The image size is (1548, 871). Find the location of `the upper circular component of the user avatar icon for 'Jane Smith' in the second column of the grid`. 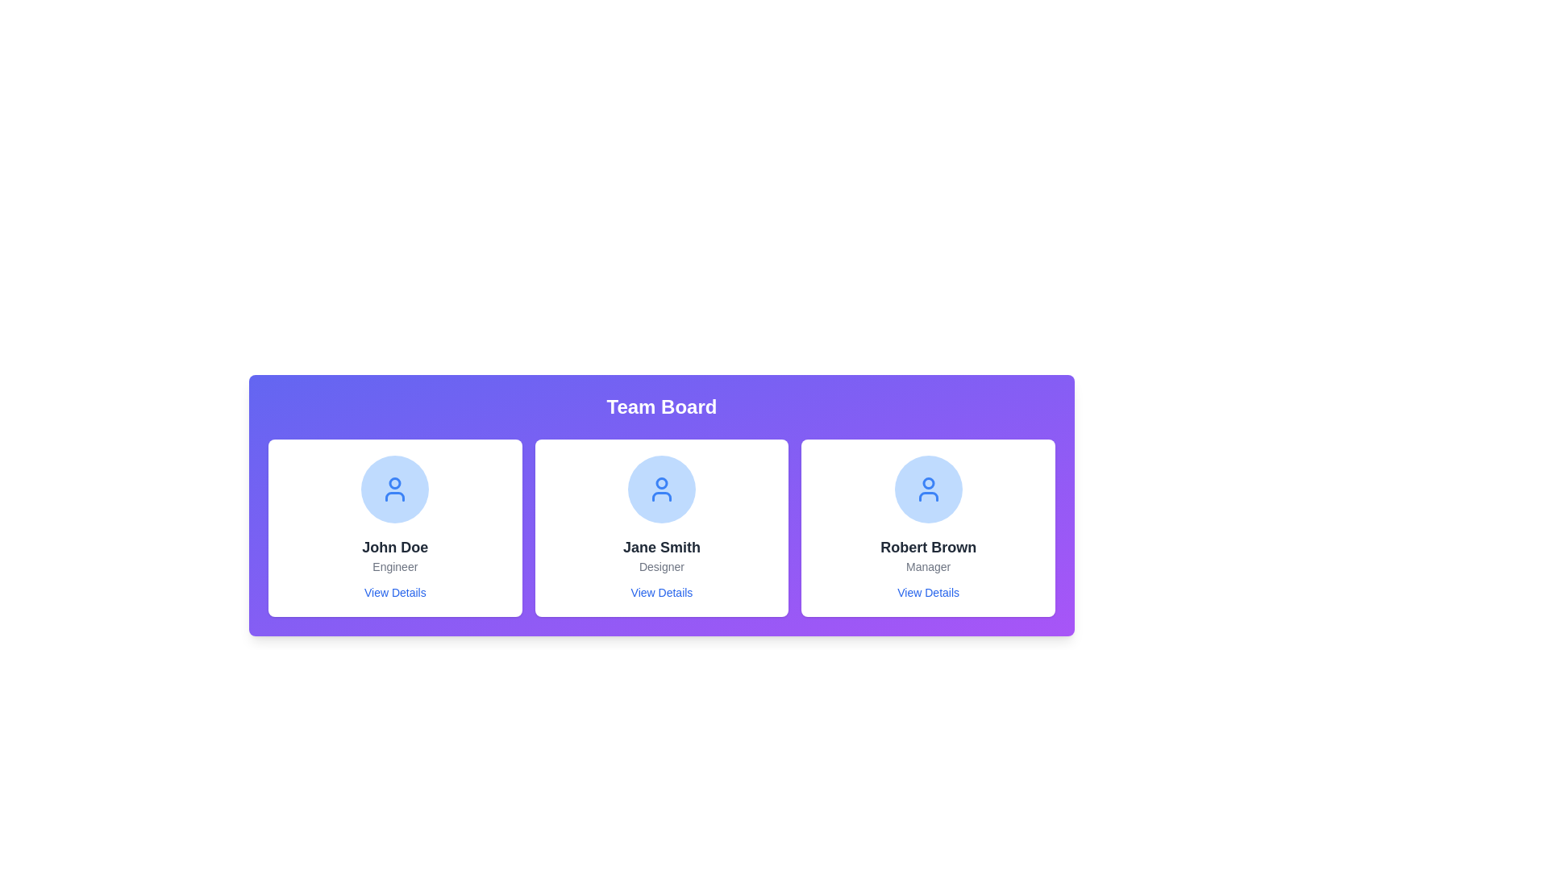

the upper circular component of the user avatar icon for 'Jane Smith' in the second column of the grid is located at coordinates (661, 482).